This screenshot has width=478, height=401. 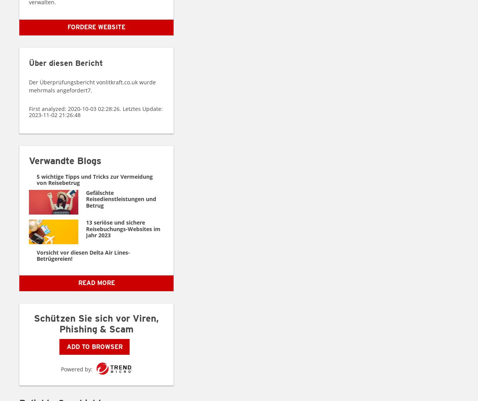 I want to click on 'Fordere Website', so click(x=96, y=27).